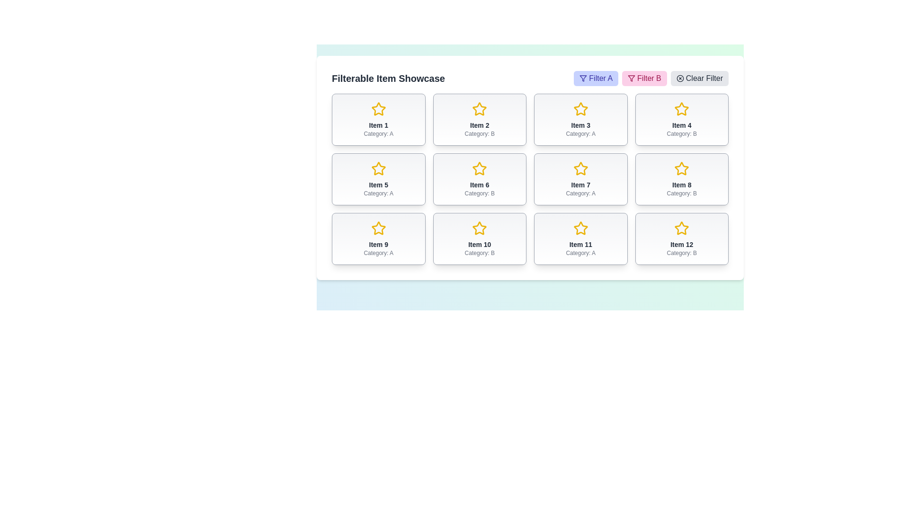  I want to click on the circular SVG component that represents the central part of the 'X' icon in the top-right corner, adjacent to the 'Clear Filter' label, so click(679, 78).